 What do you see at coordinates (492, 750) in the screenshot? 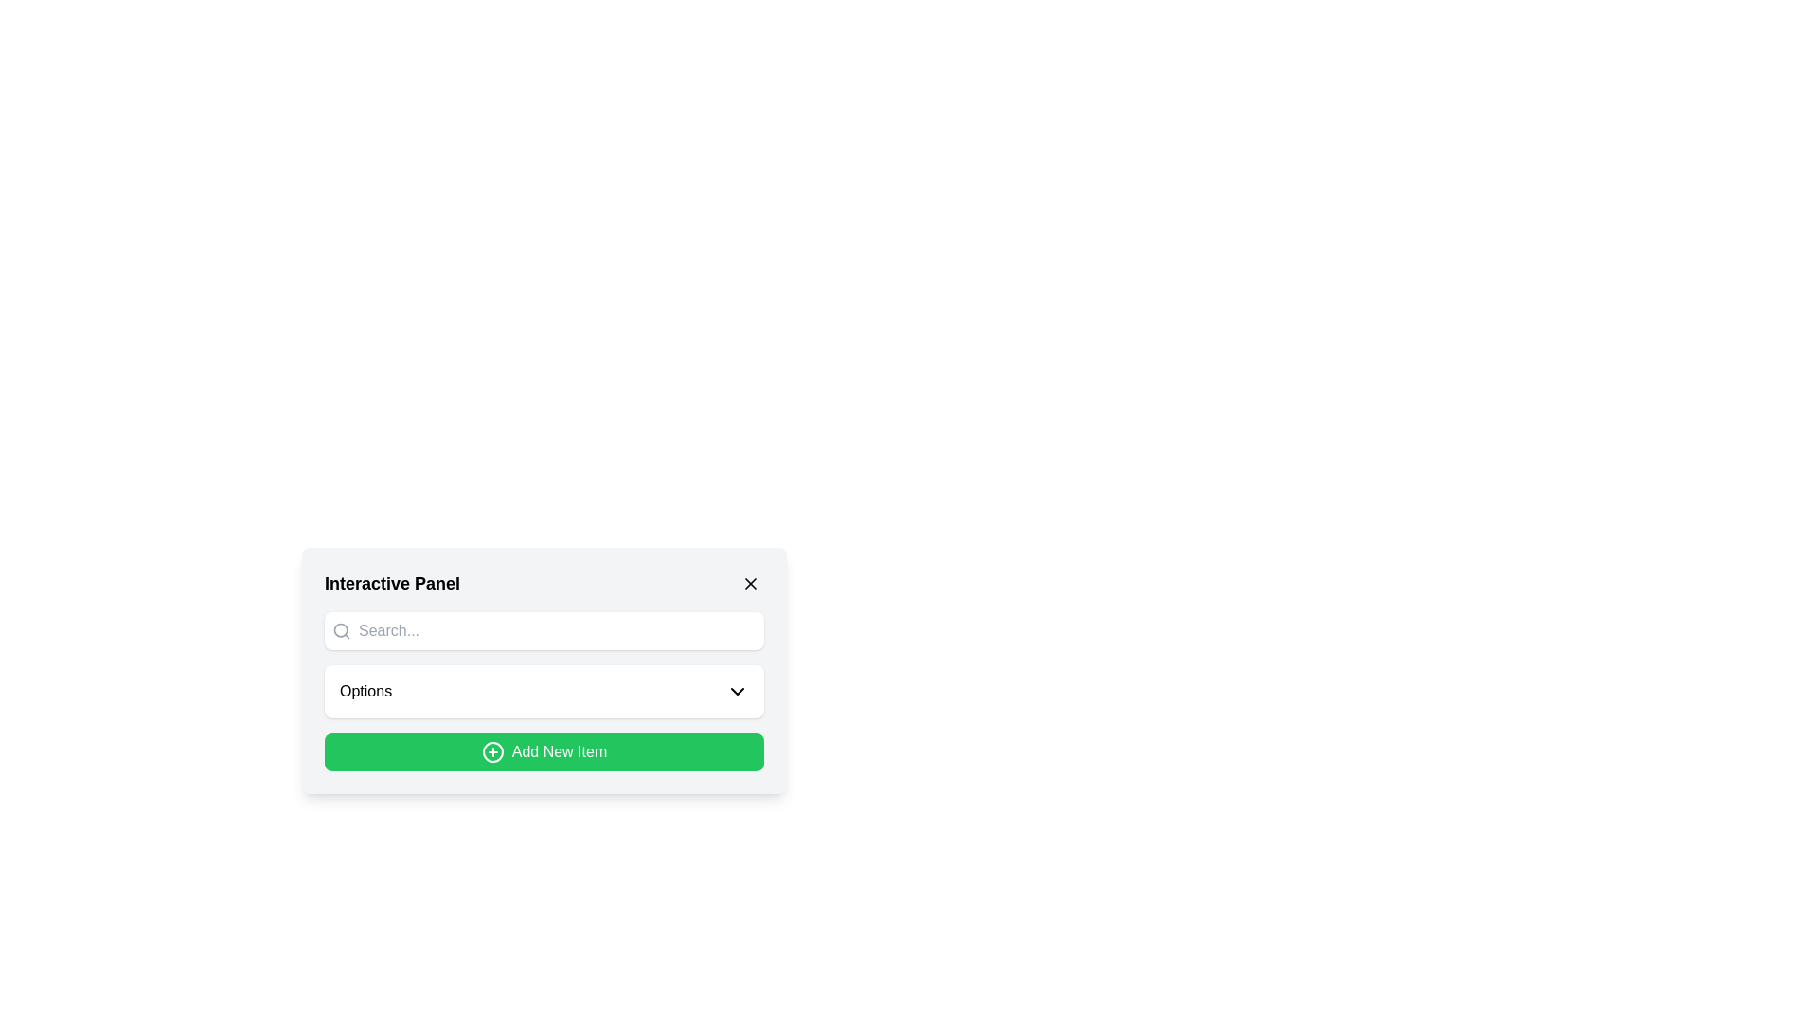
I see `the 'circle-plus' SVG icon inside the green button labeled 'Add New Item'` at bounding box center [492, 750].